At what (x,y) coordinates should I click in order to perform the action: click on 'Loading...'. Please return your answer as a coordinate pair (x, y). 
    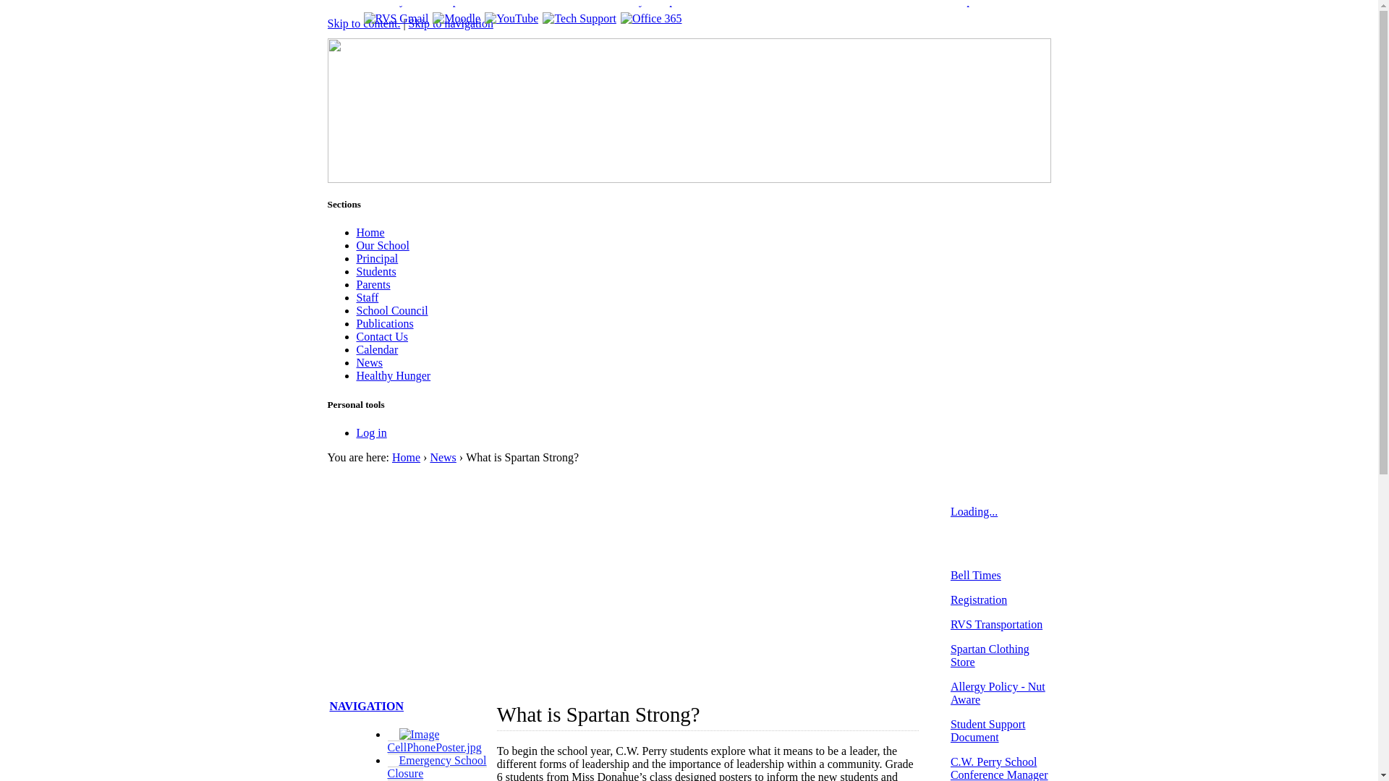
    Looking at the image, I should click on (974, 511).